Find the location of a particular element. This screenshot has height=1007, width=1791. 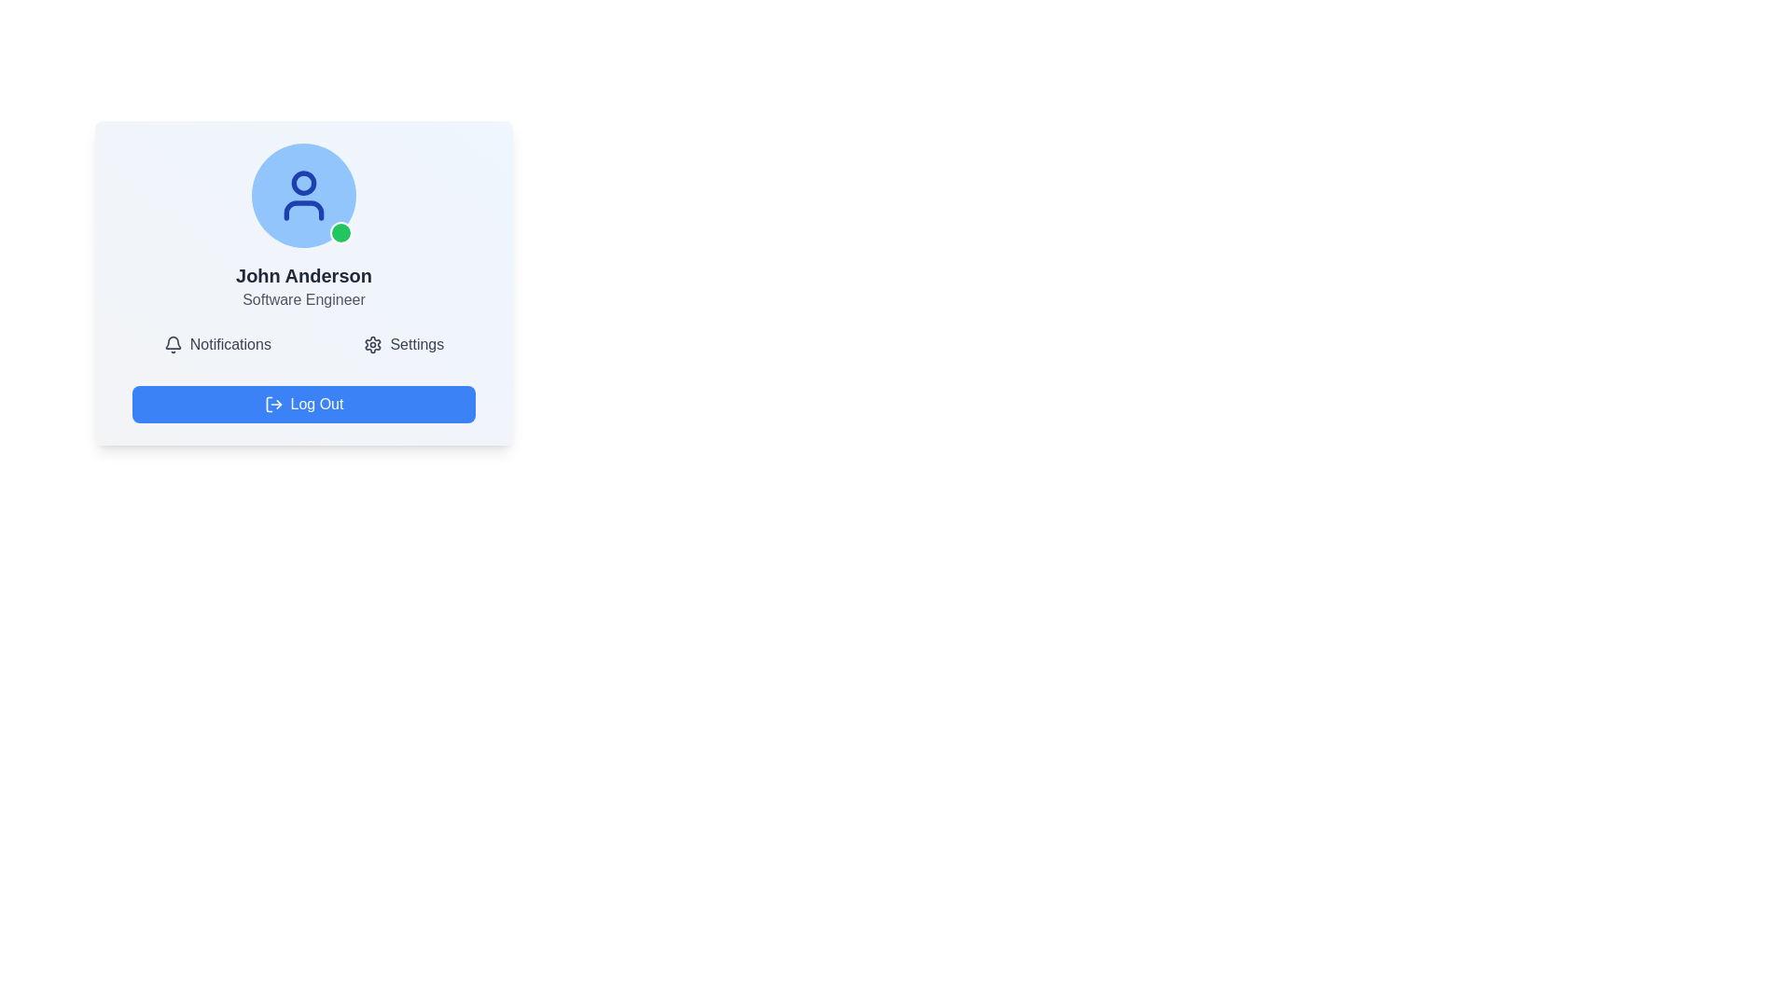

the Interactive Button with Icon and Text labeled 'Settings' to change its text color from gray to blue is located at coordinates (403, 345).